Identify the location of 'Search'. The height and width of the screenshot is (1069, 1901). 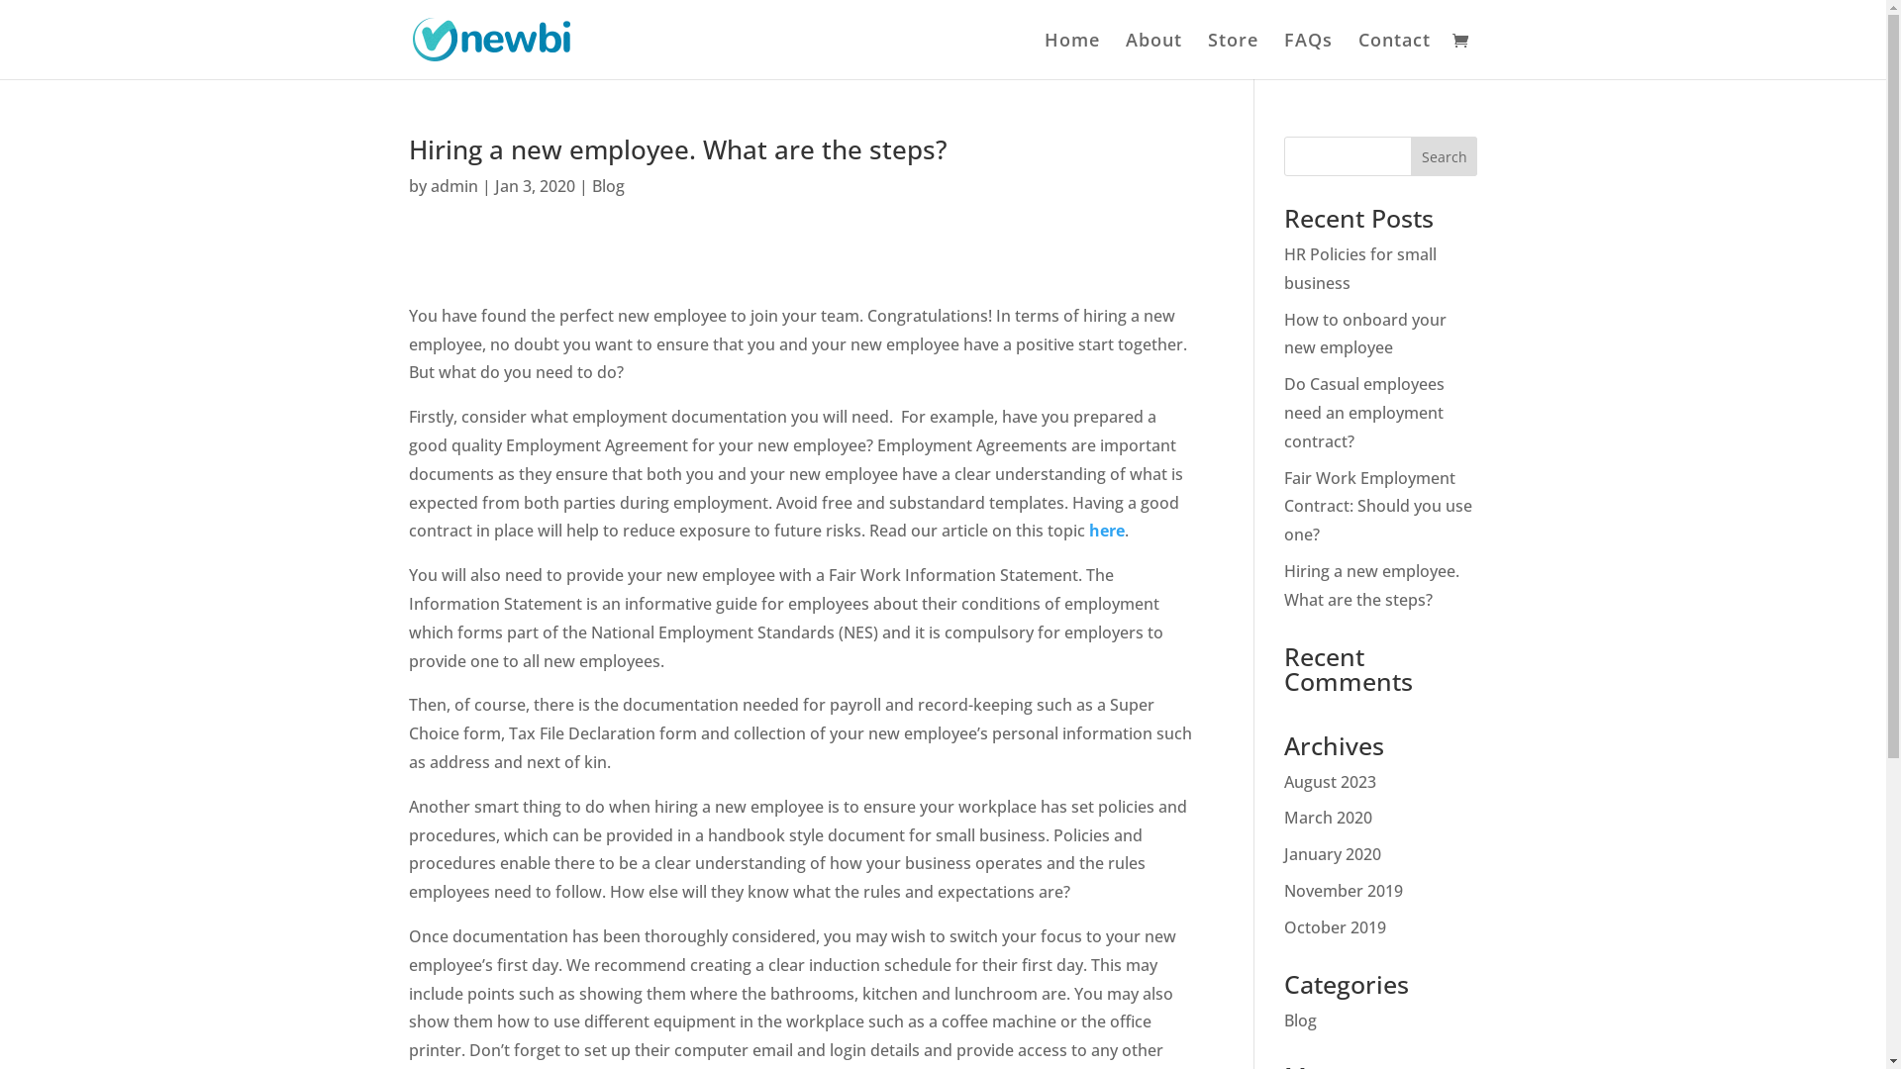
(1445, 155).